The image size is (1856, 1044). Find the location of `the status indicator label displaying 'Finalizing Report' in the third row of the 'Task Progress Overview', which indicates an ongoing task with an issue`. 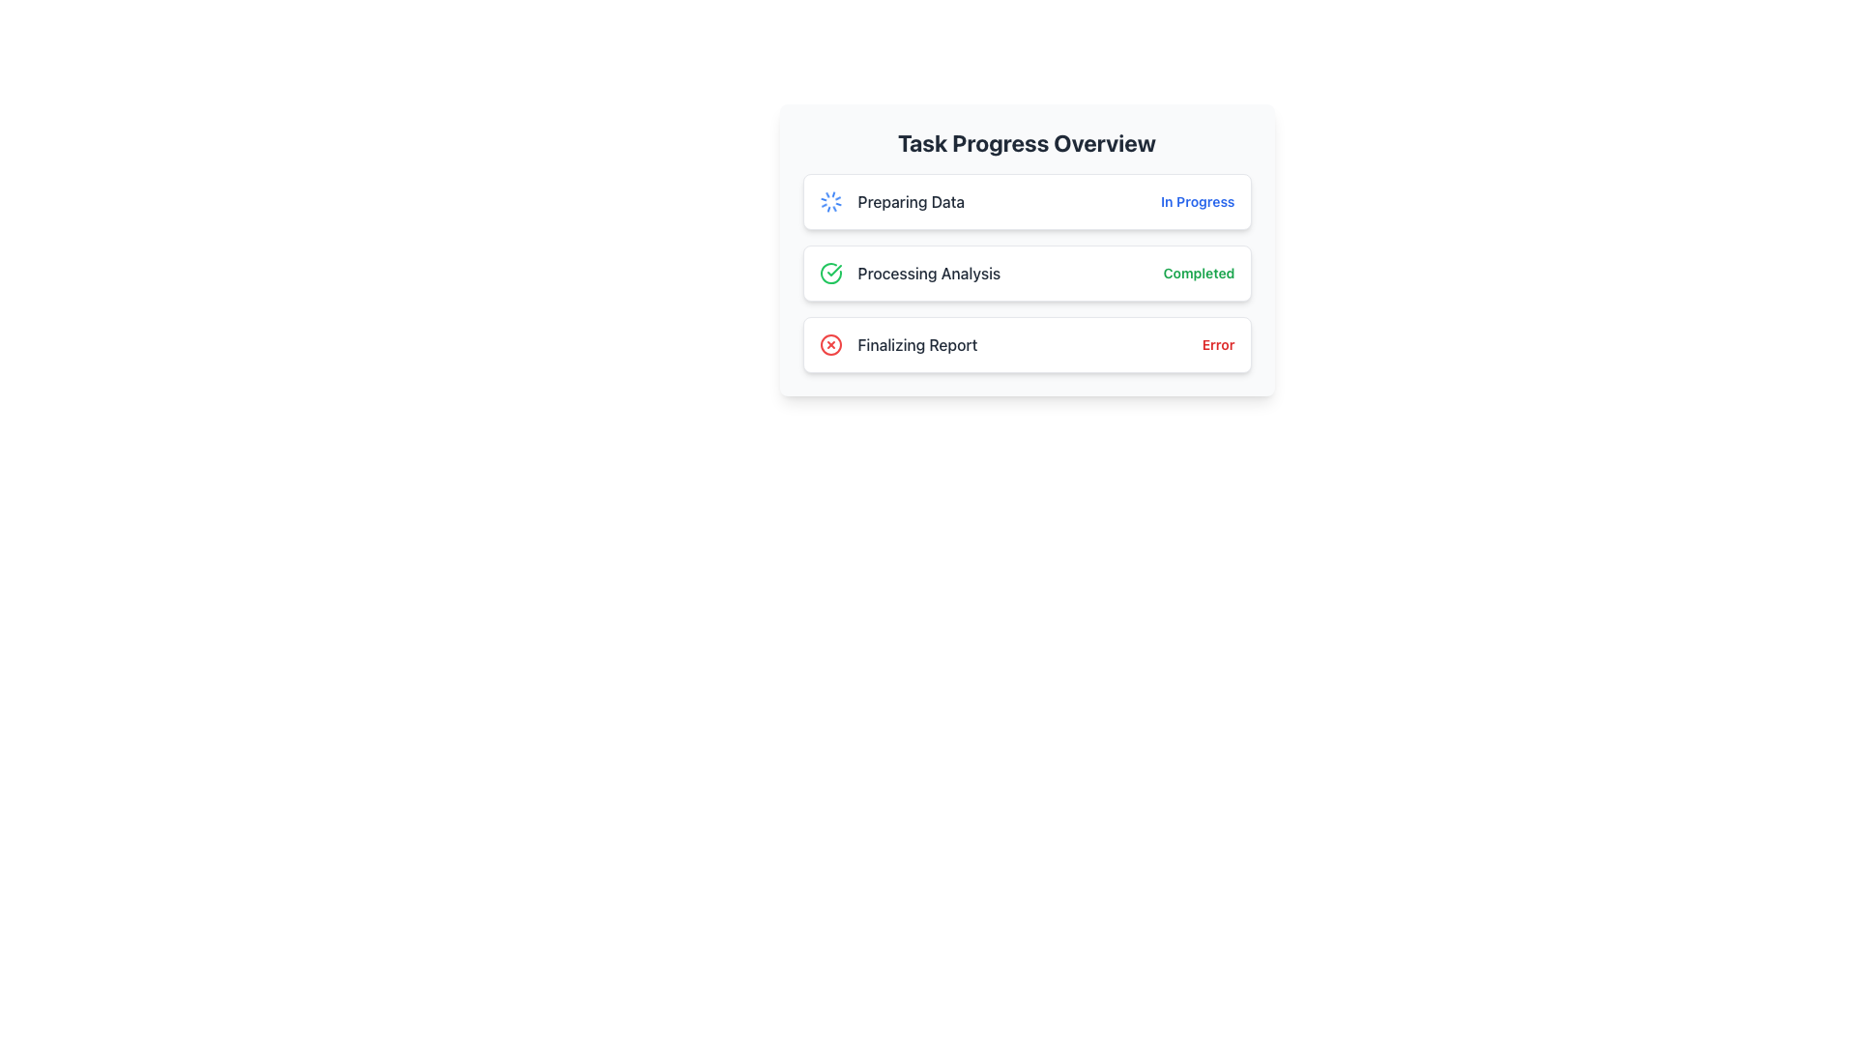

the status indicator label displaying 'Finalizing Report' in the third row of the 'Task Progress Overview', which indicates an ongoing task with an issue is located at coordinates (897, 344).